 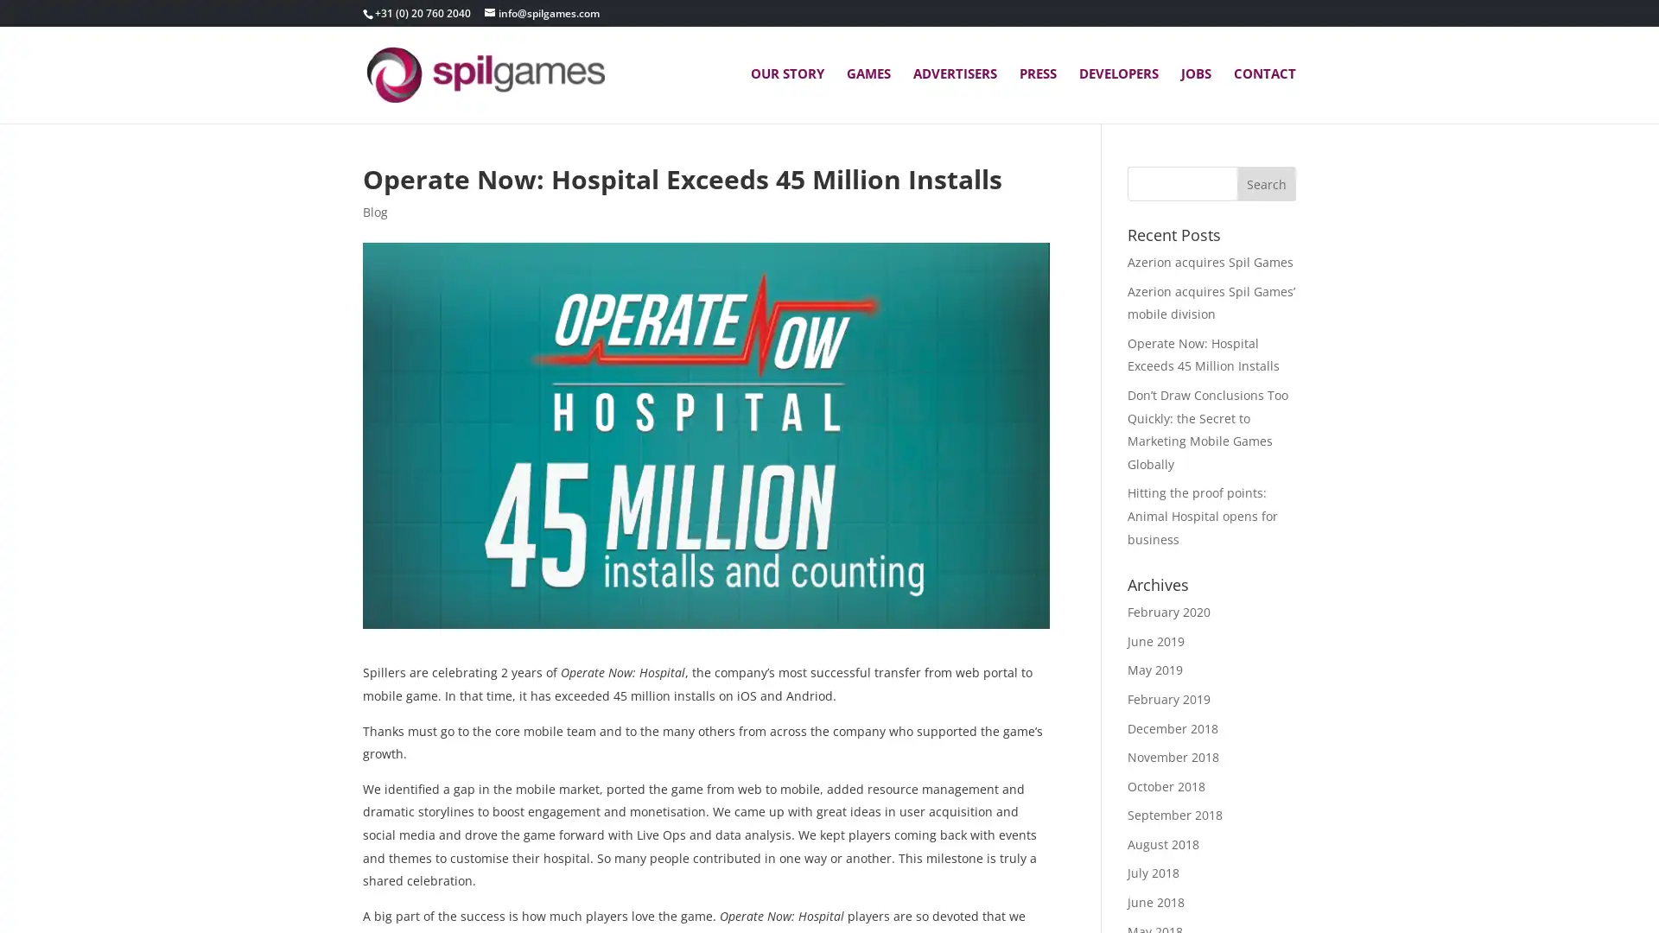 I want to click on Search, so click(x=1266, y=183).